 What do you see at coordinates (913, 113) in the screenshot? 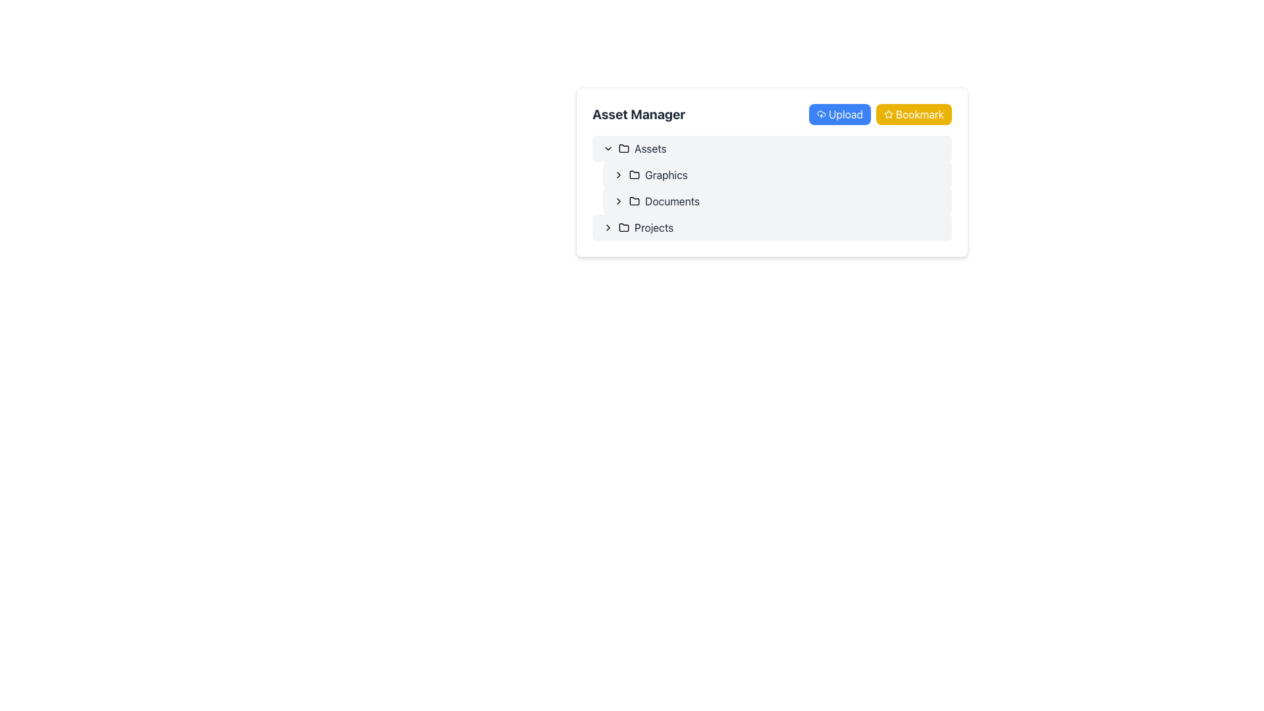
I see `the bookmark button located on the right side of the layout` at bounding box center [913, 113].